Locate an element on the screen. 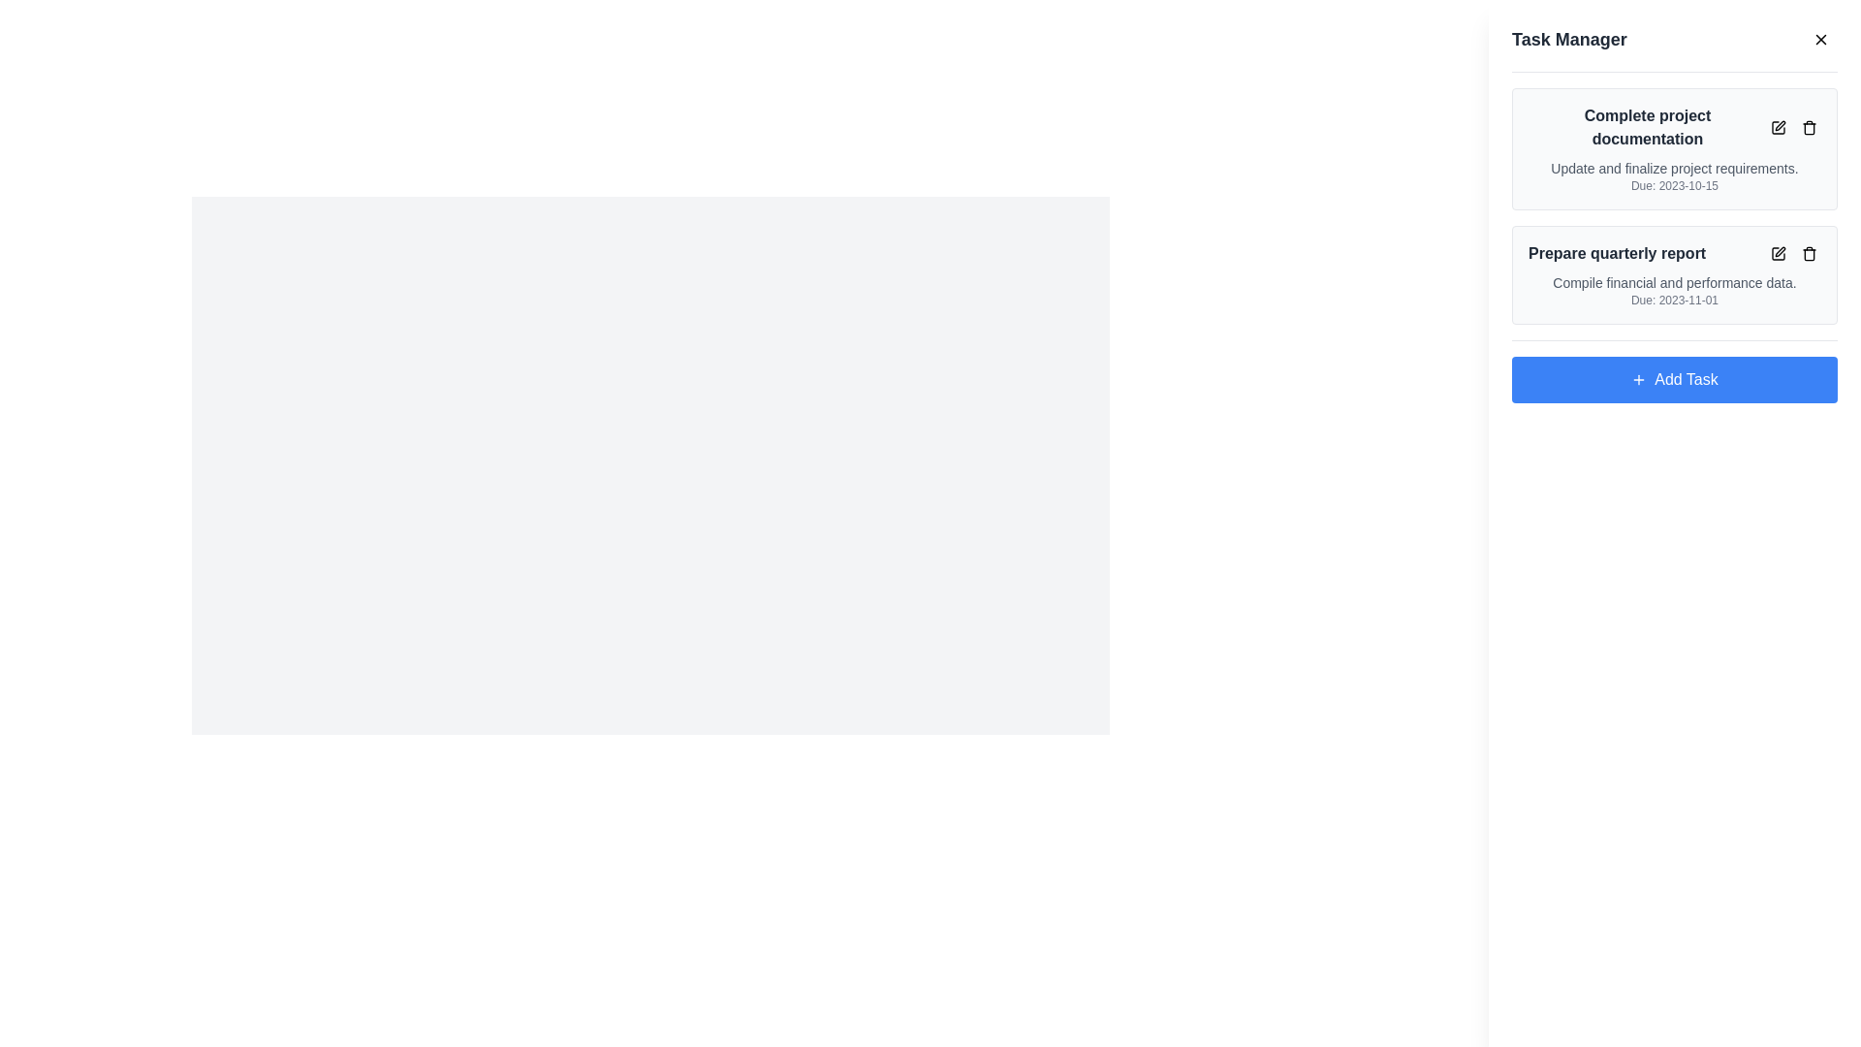 The width and height of the screenshot is (1861, 1047). the text label displaying 'Complete project documentation' located at the top section of the task item in the 'Task Manager' panel is located at coordinates (1646, 127).